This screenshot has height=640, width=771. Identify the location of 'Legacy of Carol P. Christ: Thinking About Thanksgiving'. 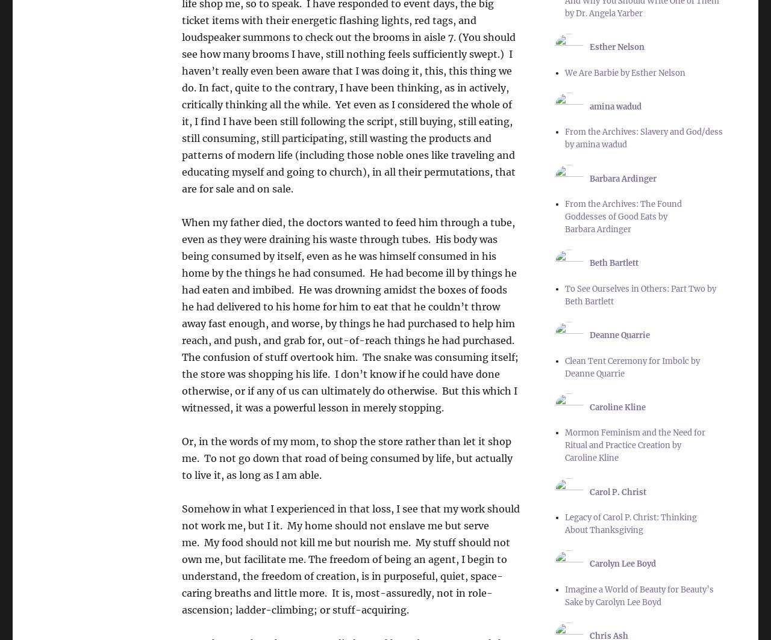
(629, 523).